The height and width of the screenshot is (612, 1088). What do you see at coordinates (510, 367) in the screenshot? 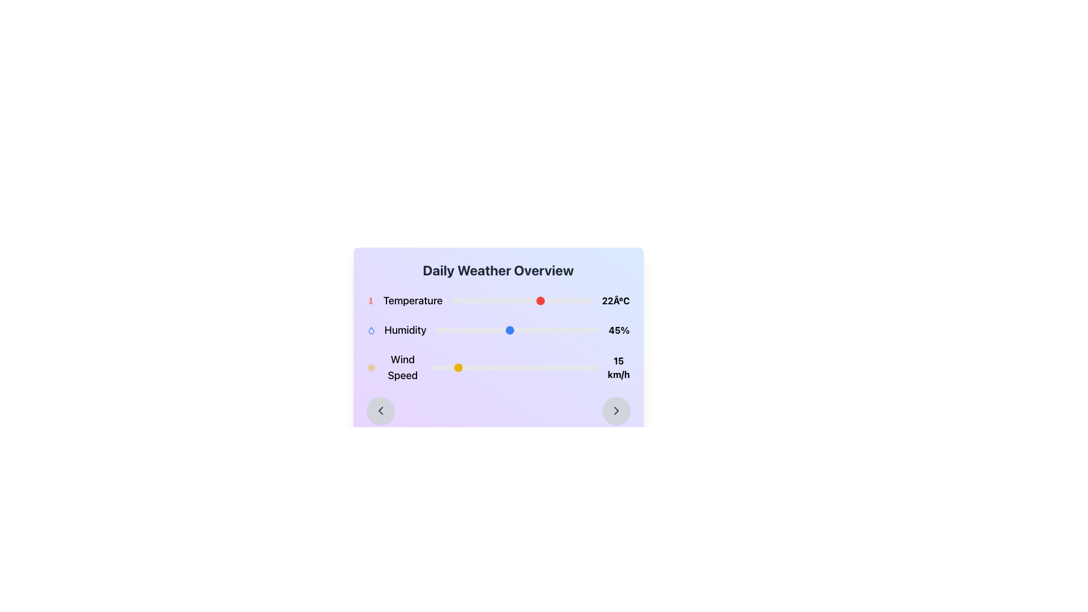
I see `the wind speed` at bounding box center [510, 367].